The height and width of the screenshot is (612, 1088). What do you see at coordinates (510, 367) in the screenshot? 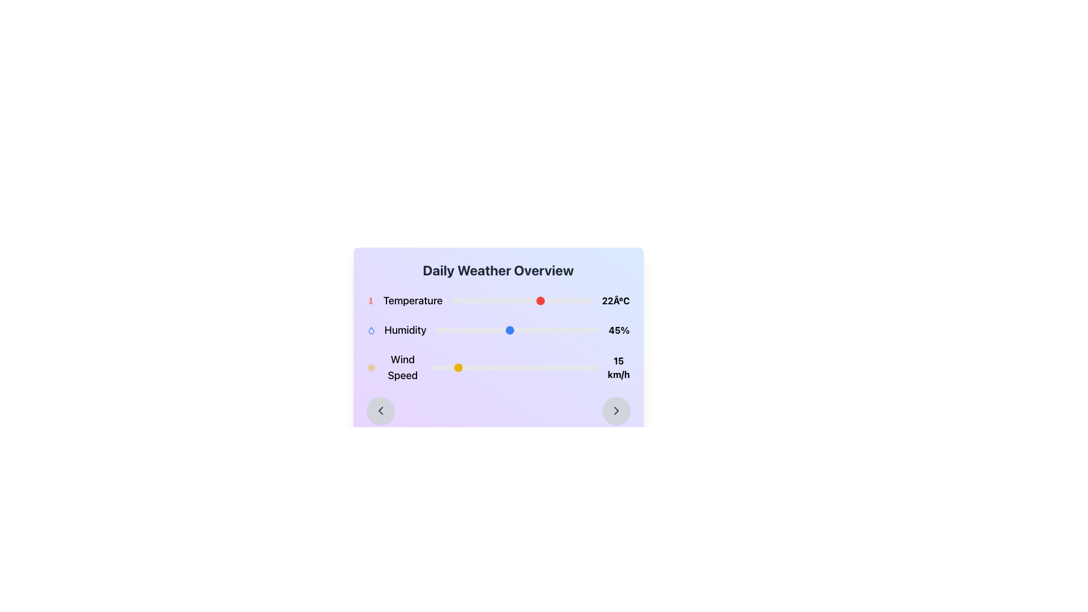
I see `the wind speed` at bounding box center [510, 367].